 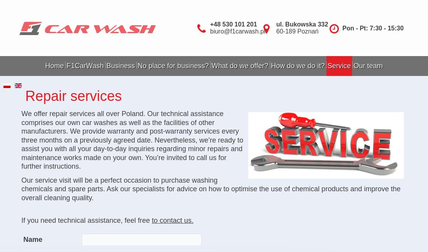 I want to click on 'Our team', so click(x=368, y=65).